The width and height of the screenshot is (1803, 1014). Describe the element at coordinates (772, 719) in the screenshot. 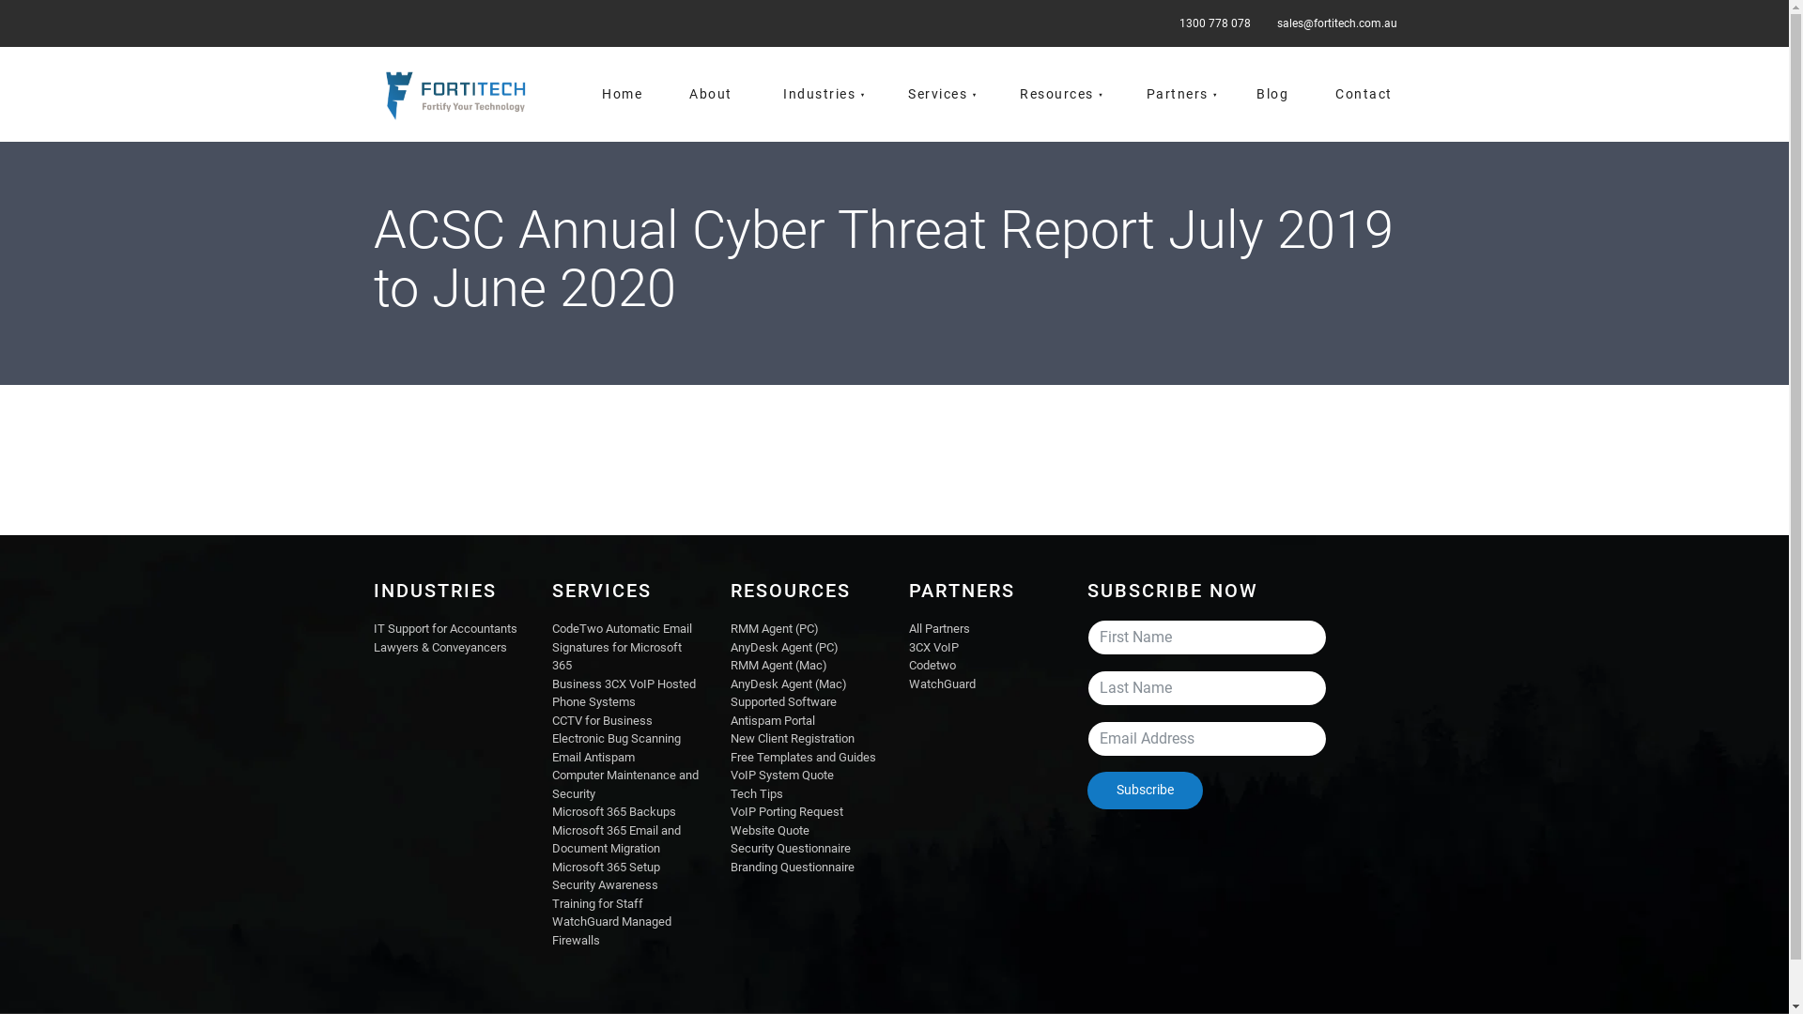

I see `'Antispam Portal'` at that location.